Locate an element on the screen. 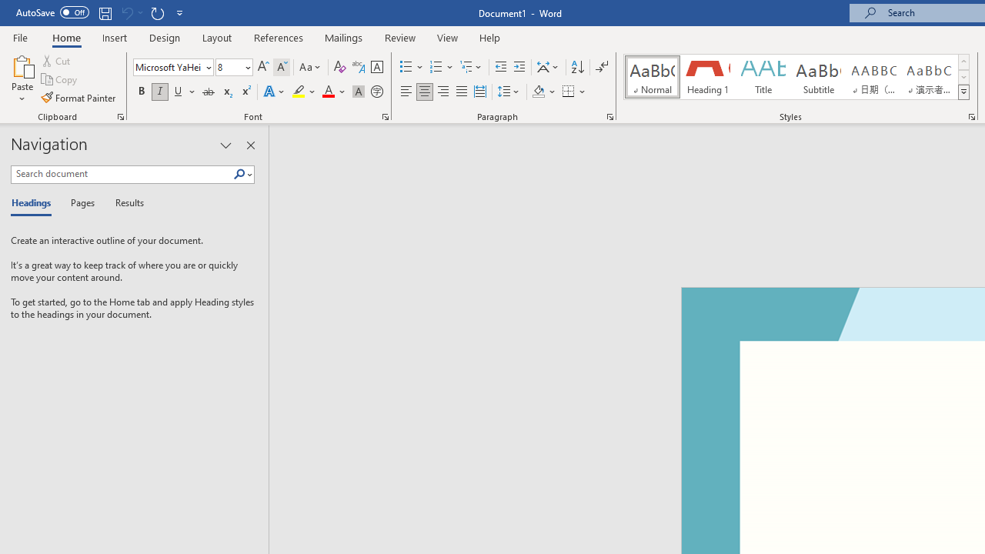 This screenshot has width=985, height=554. 'Font...' is located at coordinates (386, 115).